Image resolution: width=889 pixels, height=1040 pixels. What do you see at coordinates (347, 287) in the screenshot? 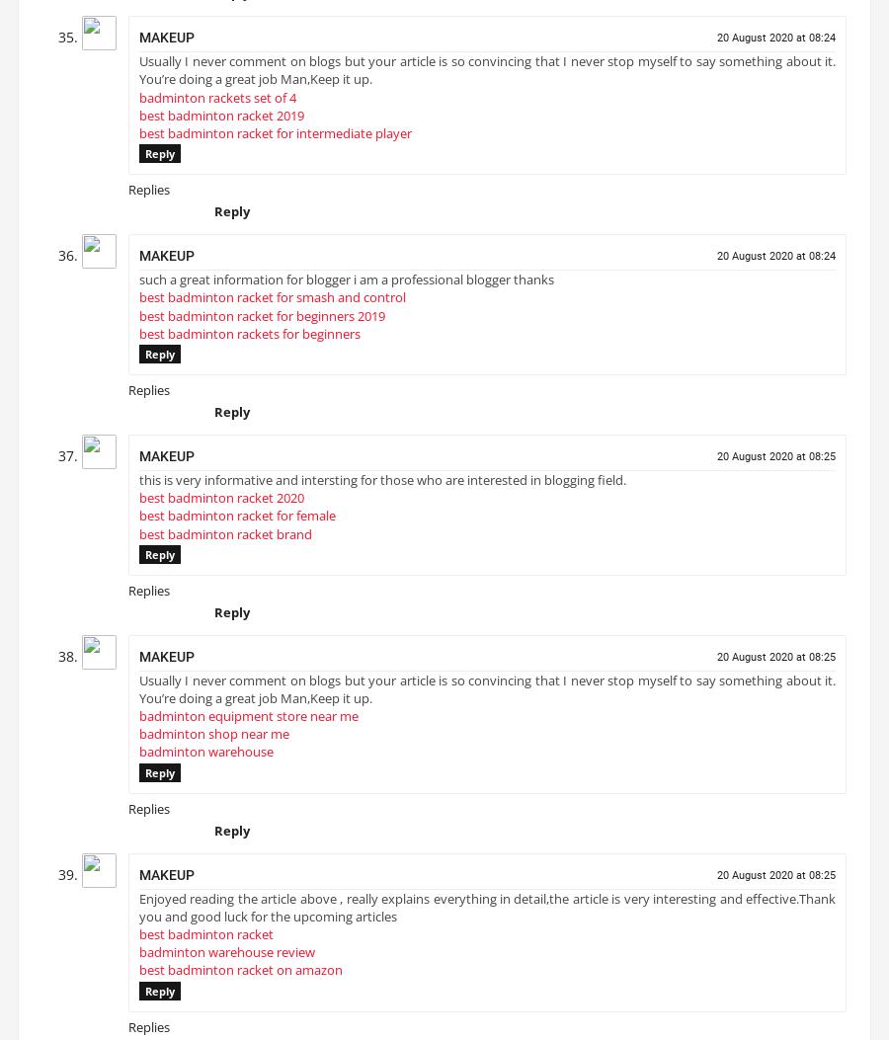
I see `'such a great information for blogger i am a professional blogger thanks'` at bounding box center [347, 287].